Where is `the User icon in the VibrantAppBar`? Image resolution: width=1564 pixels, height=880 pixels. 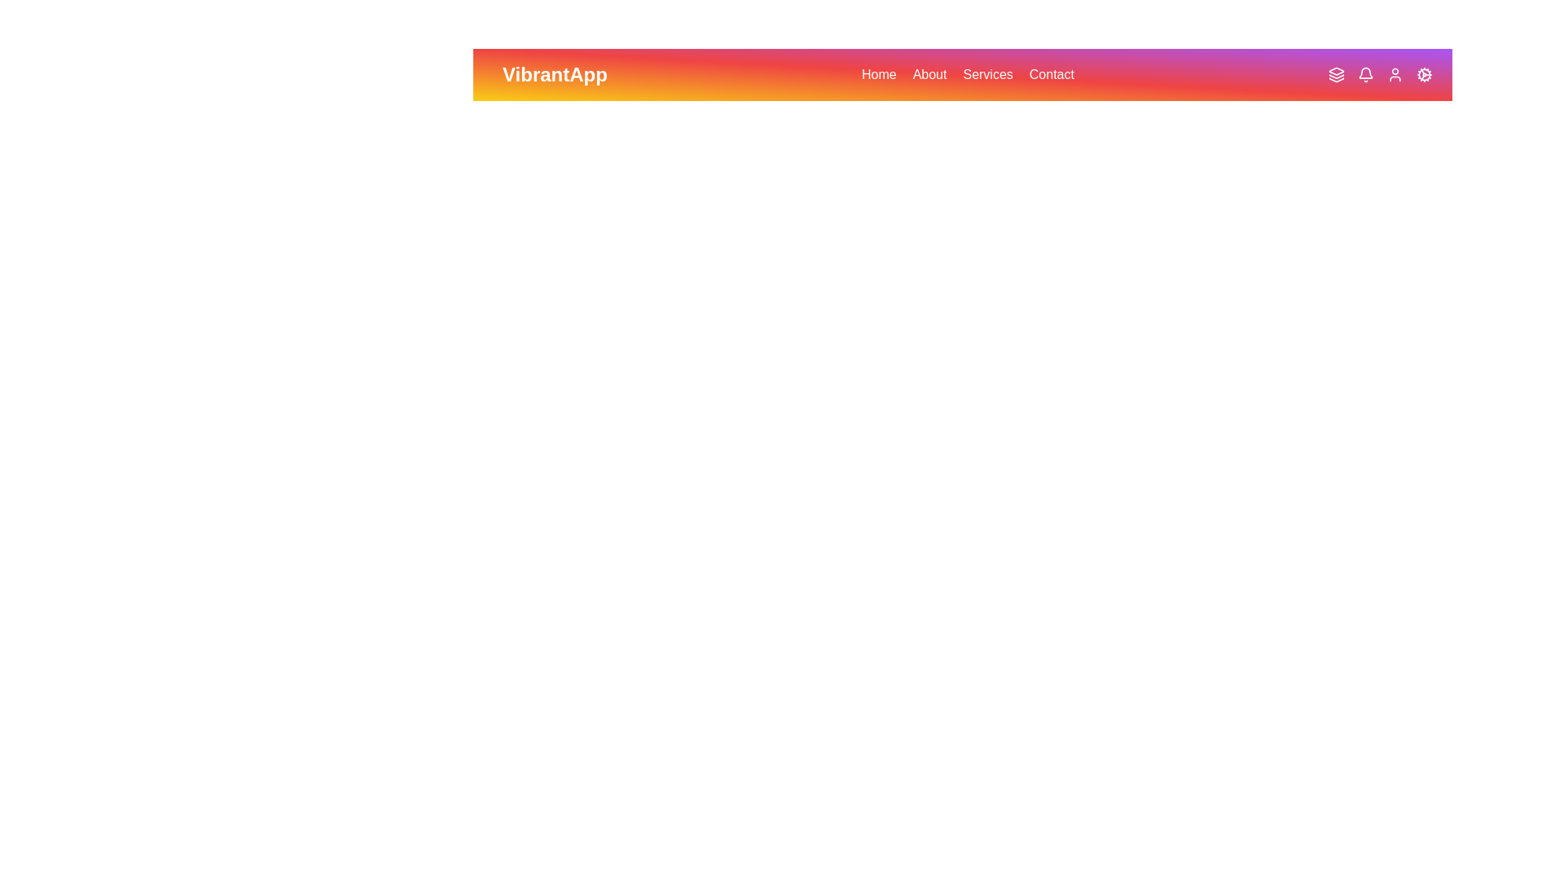
the User icon in the VibrantAppBar is located at coordinates (1395, 75).